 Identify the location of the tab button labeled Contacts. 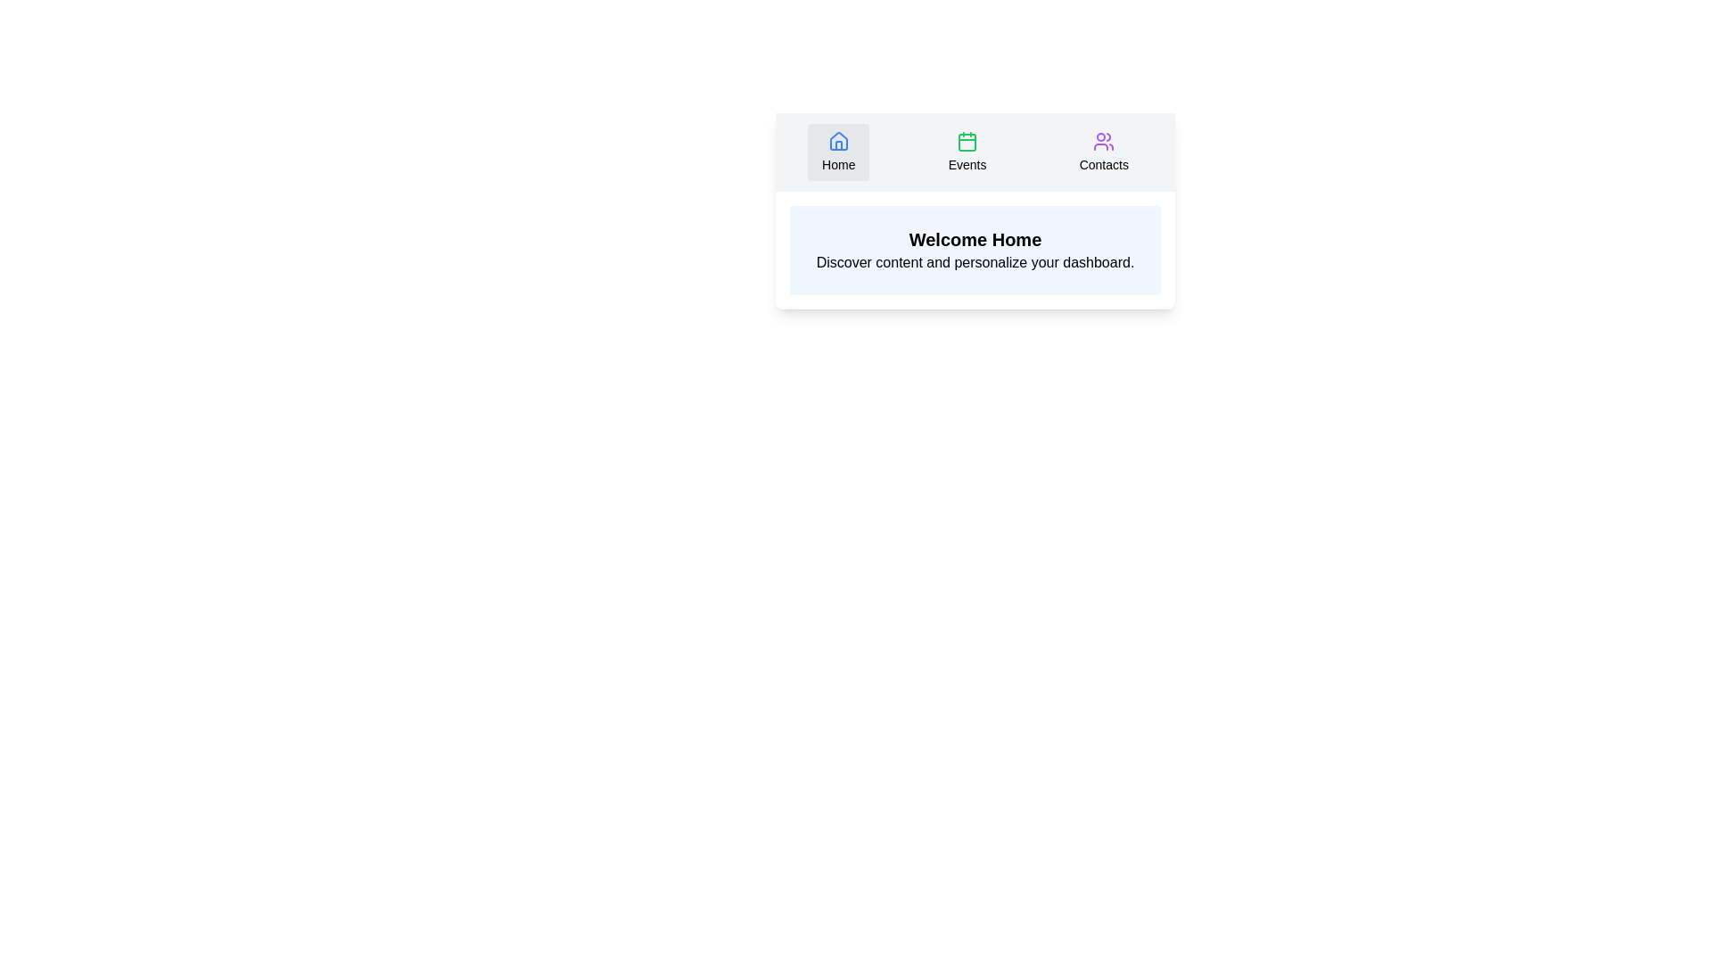
(1103, 151).